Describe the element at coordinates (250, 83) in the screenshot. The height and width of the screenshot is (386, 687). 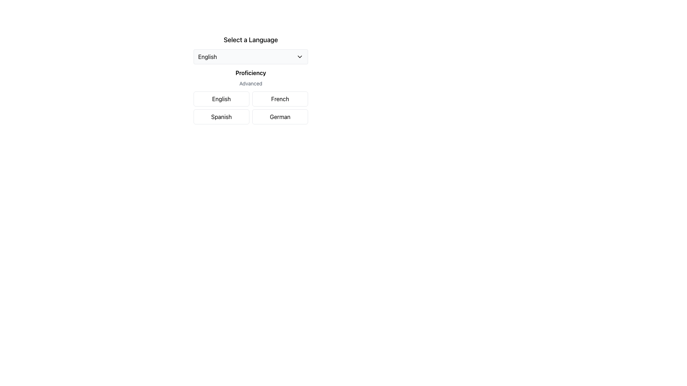
I see `the text element displaying 'Advanced' located directly beneath the 'Proficiency' heading` at that location.